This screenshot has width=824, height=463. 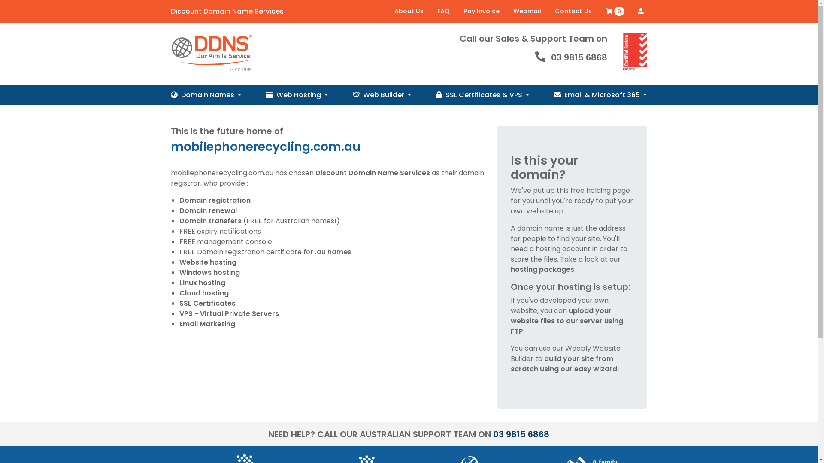 I want to click on 'FAQ', so click(x=443, y=12).